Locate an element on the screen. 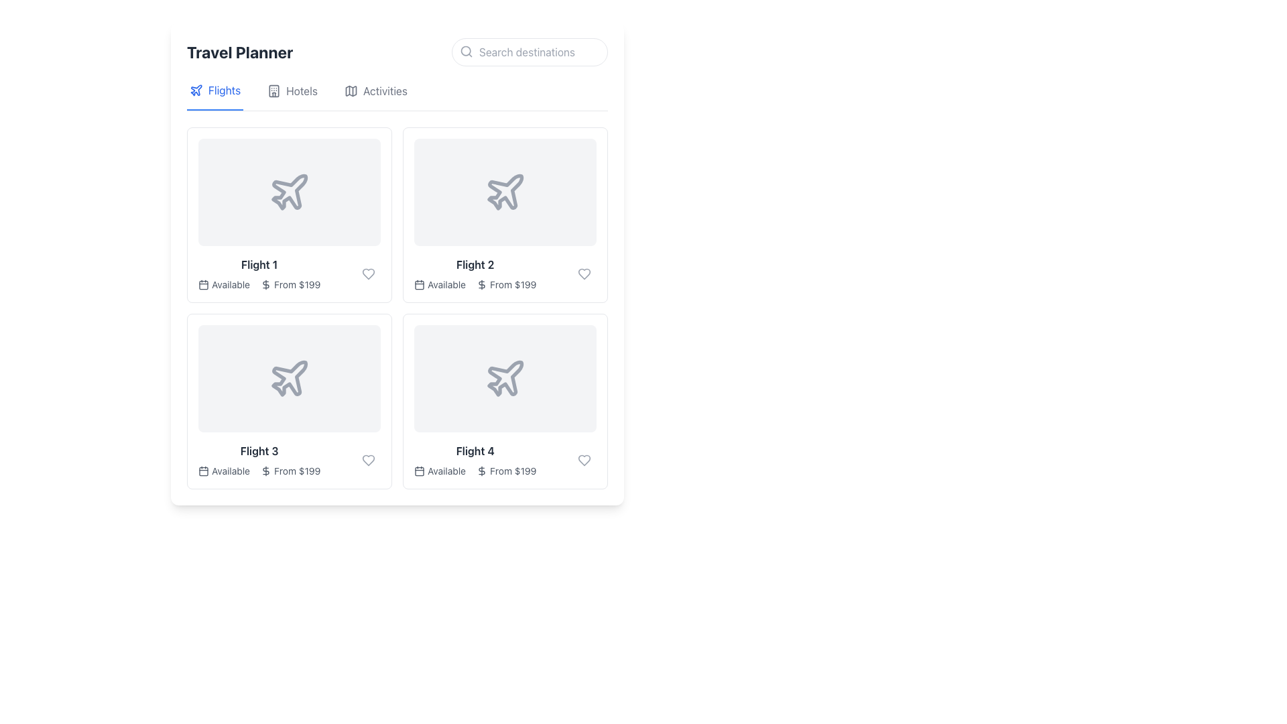 This screenshot has width=1287, height=724. the heart icon located at the bottom right corner of the 'Flight 4' card to favorite the associated flight is located at coordinates (585, 459).